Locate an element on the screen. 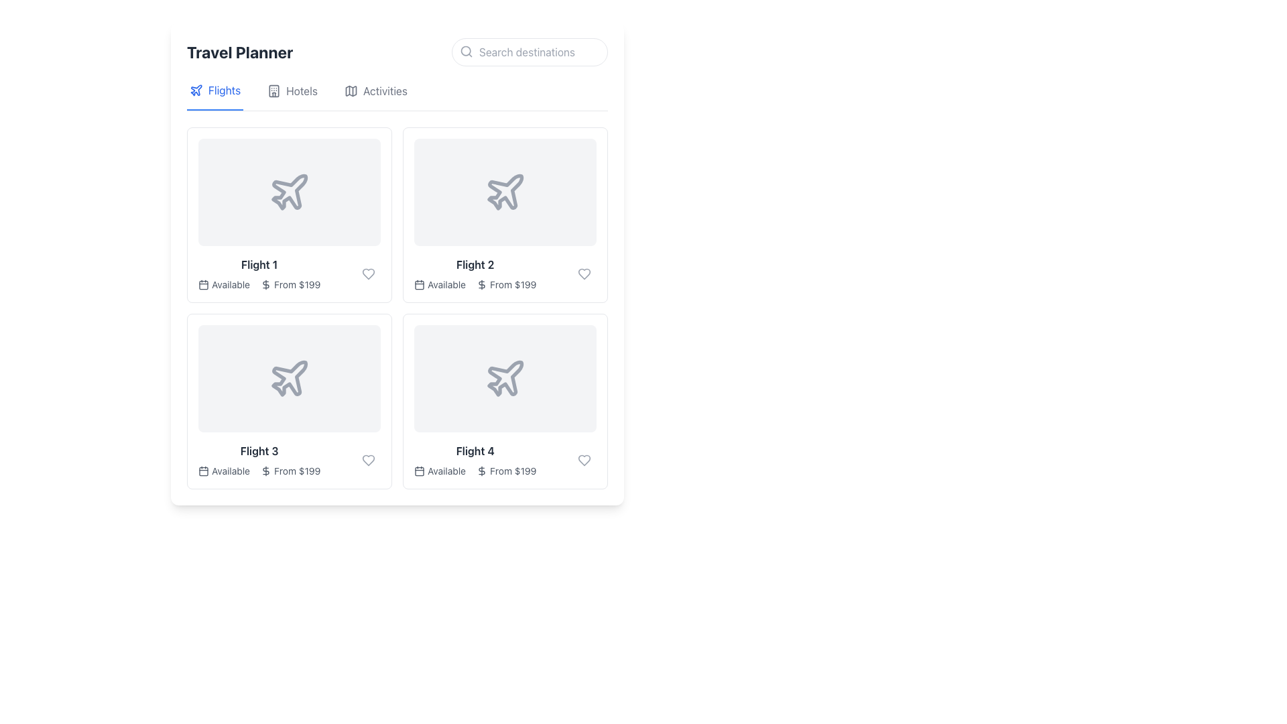 This screenshot has width=1287, height=724. the heart icon located at the bottom right corner of the 'Flight 4' card to favorite the associated flight is located at coordinates (585, 459).